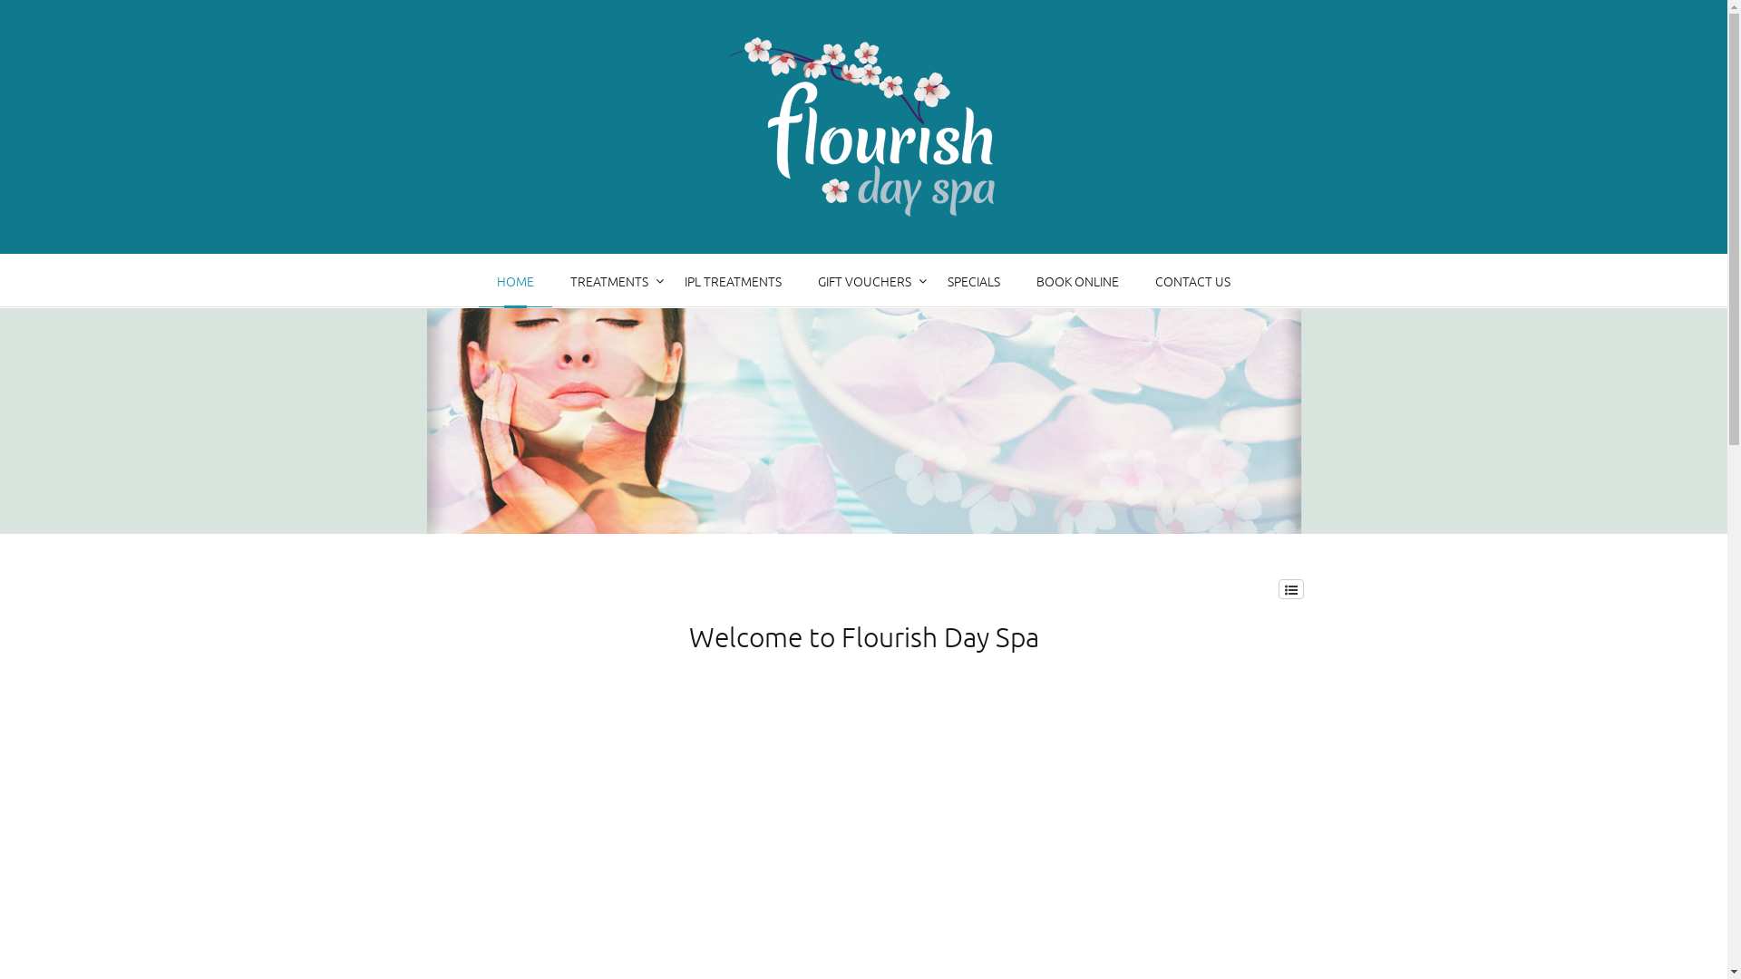 This screenshot has height=979, width=1741. I want to click on 'BOOK ONLINE', so click(1018, 280).